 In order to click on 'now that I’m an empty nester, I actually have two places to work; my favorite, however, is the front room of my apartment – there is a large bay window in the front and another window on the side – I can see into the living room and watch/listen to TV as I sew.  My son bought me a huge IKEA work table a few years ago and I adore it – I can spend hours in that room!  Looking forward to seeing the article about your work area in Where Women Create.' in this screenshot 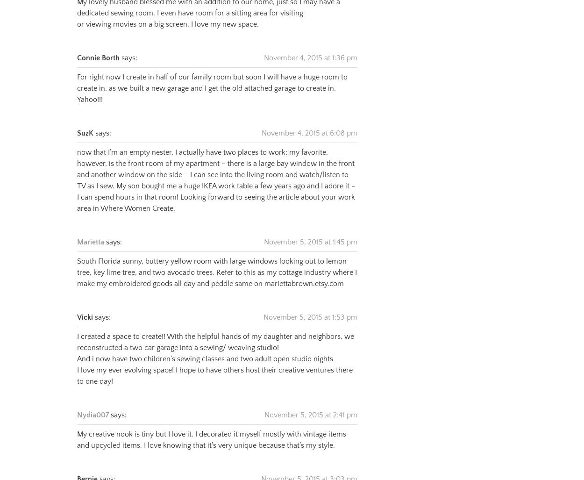, I will do `click(216, 168)`.